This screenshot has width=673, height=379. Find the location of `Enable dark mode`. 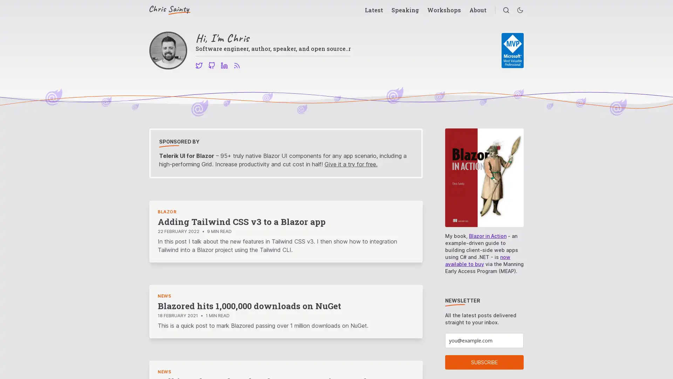

Enable dark mode is located at coordinates (520, 10).